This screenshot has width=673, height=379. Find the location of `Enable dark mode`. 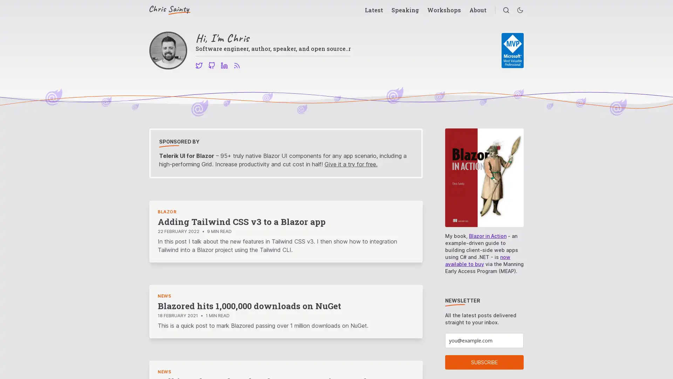

Enable dark mode is located at coordinates (520, 10).